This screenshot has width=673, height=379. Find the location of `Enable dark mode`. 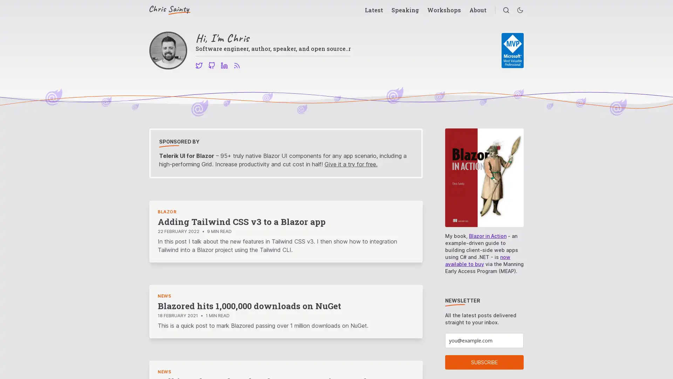

Enable dark mode is located at coordinates (520, 10).